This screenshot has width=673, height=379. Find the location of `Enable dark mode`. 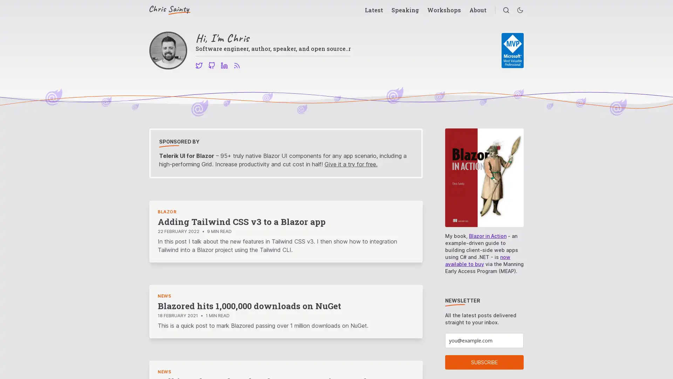

Enable dark mode is located at coordinates (520, 10).